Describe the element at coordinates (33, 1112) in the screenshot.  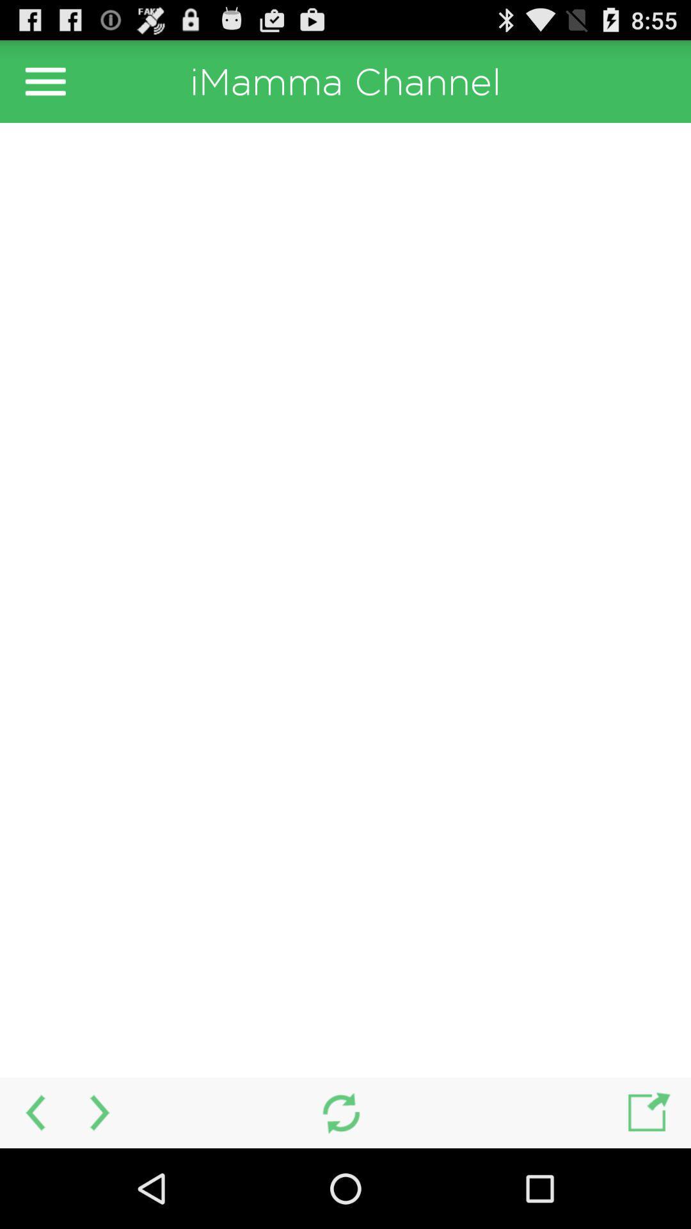
I see `go back` at that location.